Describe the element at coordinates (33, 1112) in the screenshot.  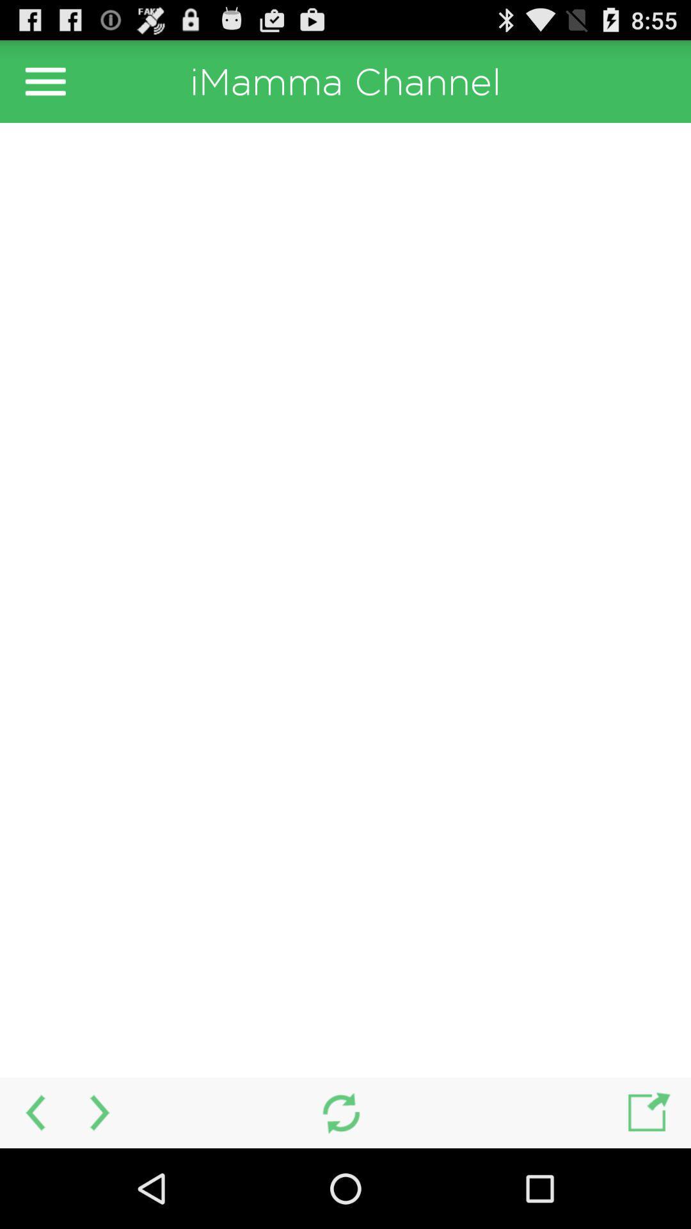
I see `go back` at that location.